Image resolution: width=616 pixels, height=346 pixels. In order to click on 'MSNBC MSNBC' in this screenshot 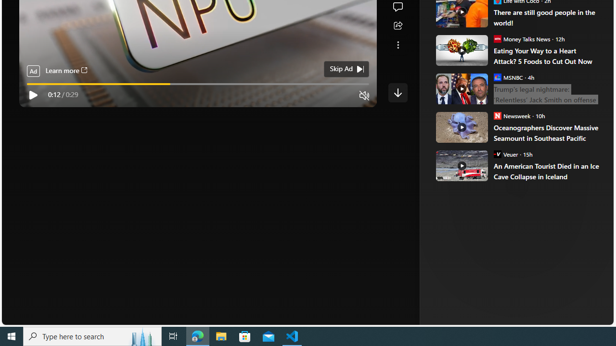, I will do `click(508, 76)`.